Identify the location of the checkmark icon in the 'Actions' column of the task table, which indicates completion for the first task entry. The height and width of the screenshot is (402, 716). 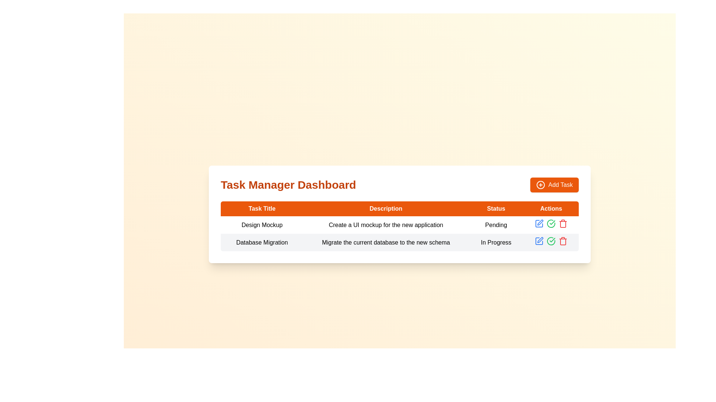
(552, 240).